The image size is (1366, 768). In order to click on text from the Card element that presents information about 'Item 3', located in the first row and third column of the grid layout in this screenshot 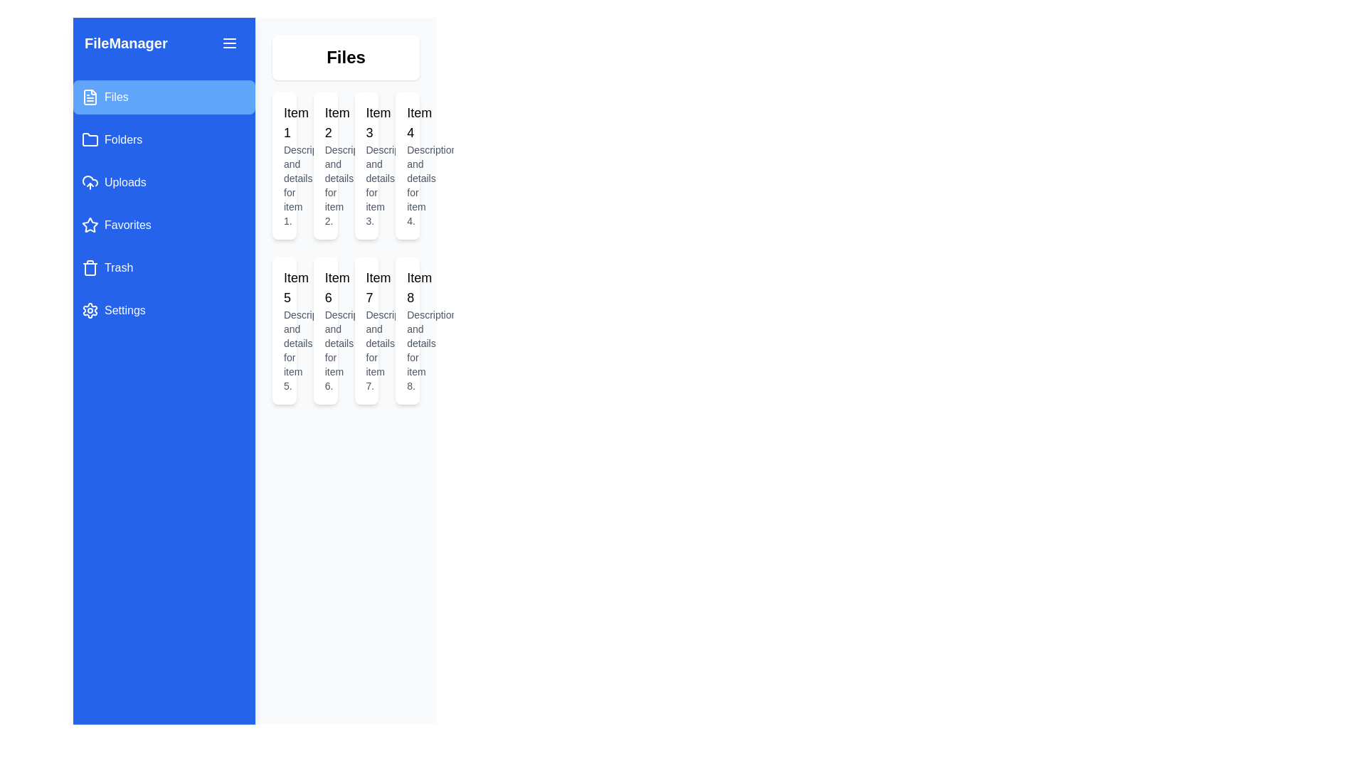, I will do `click(366, 164)`.